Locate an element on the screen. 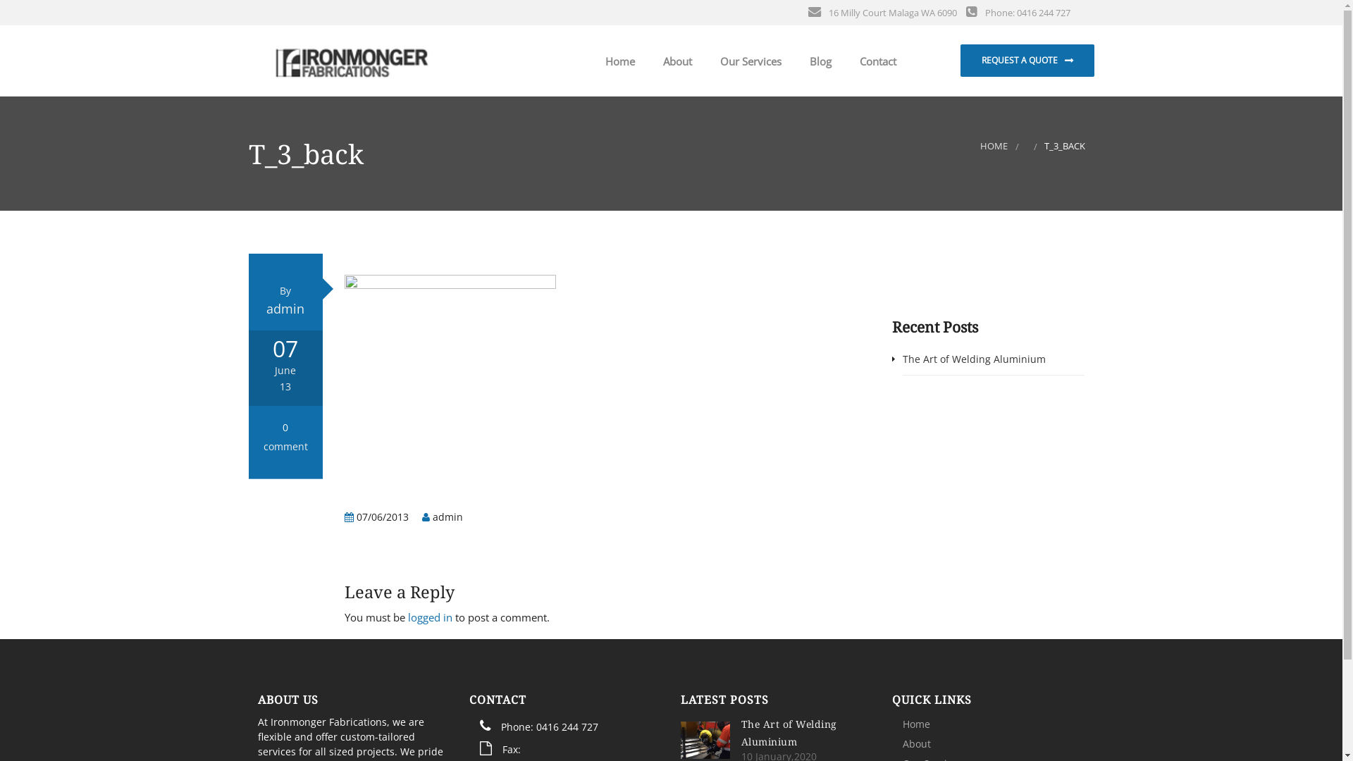 Image resolution: width=1353 pixels, height=761 pixels. 'Contact' is located at coordinates (875, 61).